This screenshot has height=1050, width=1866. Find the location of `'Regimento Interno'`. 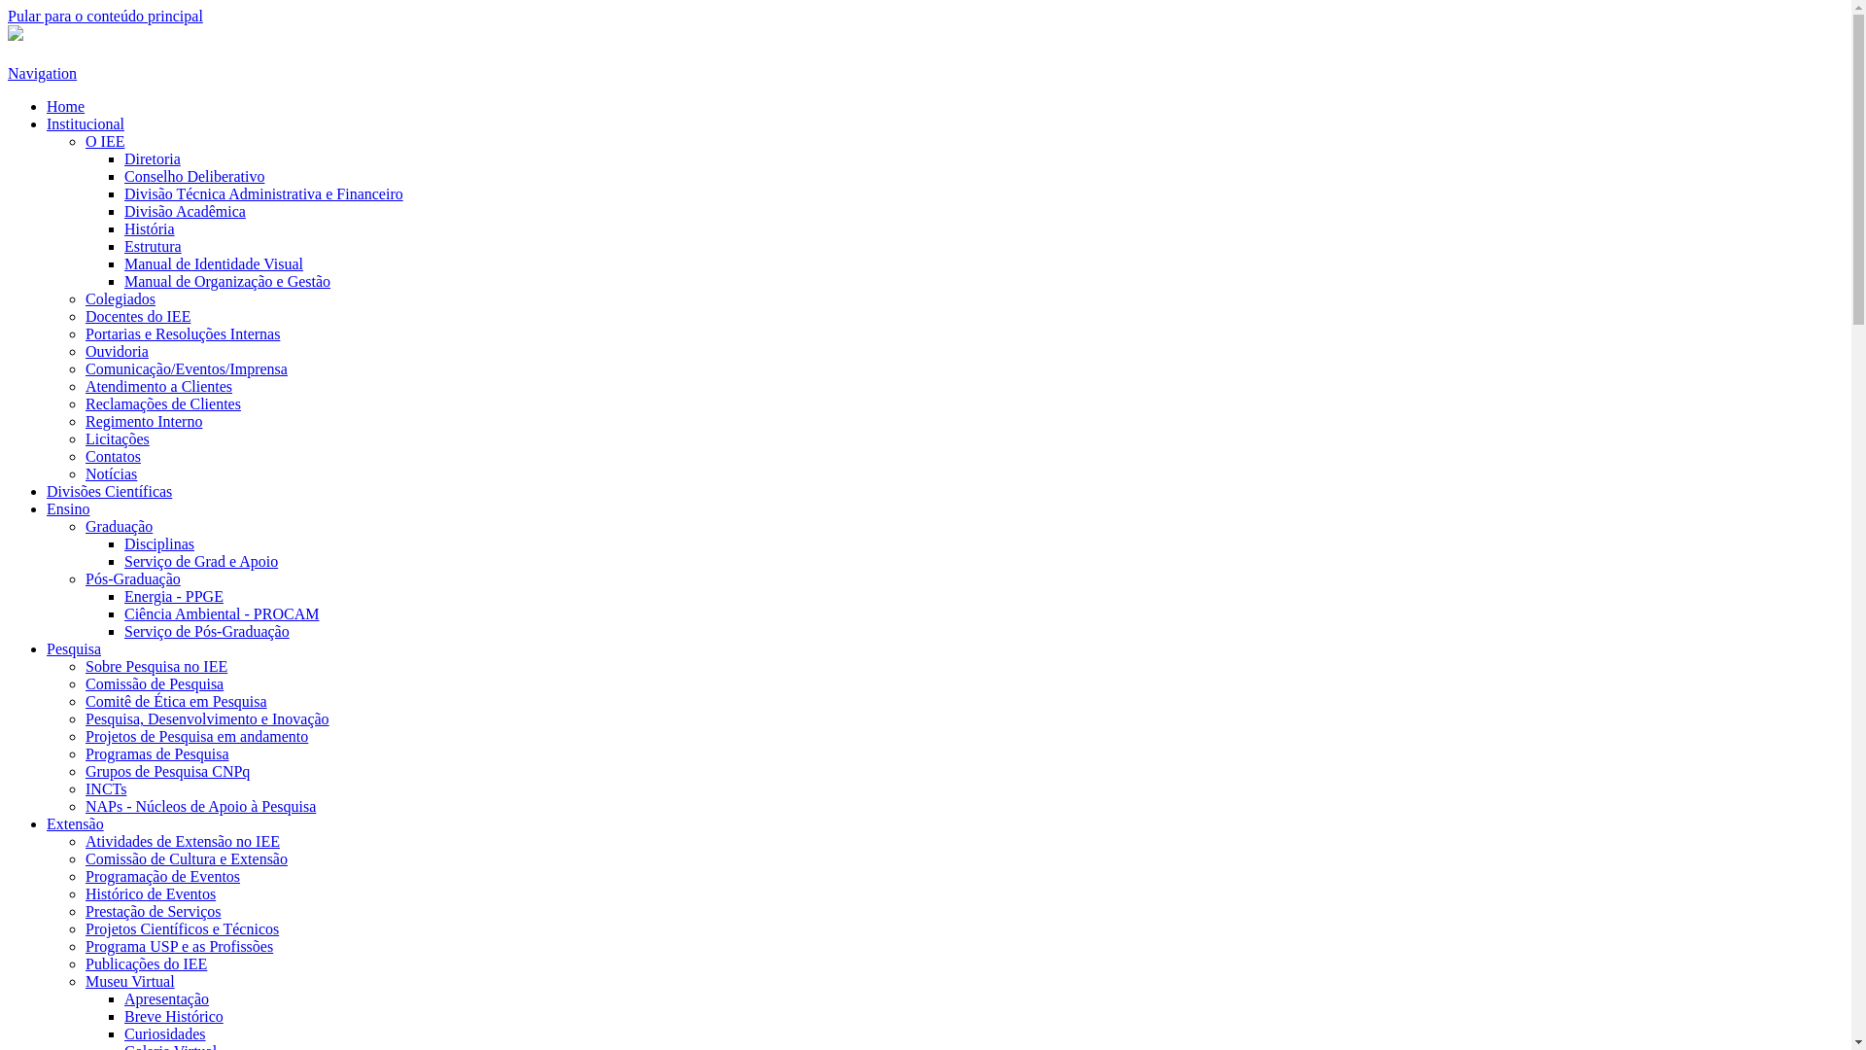

'Regimento Interno' is located at coordinates (143, 420).